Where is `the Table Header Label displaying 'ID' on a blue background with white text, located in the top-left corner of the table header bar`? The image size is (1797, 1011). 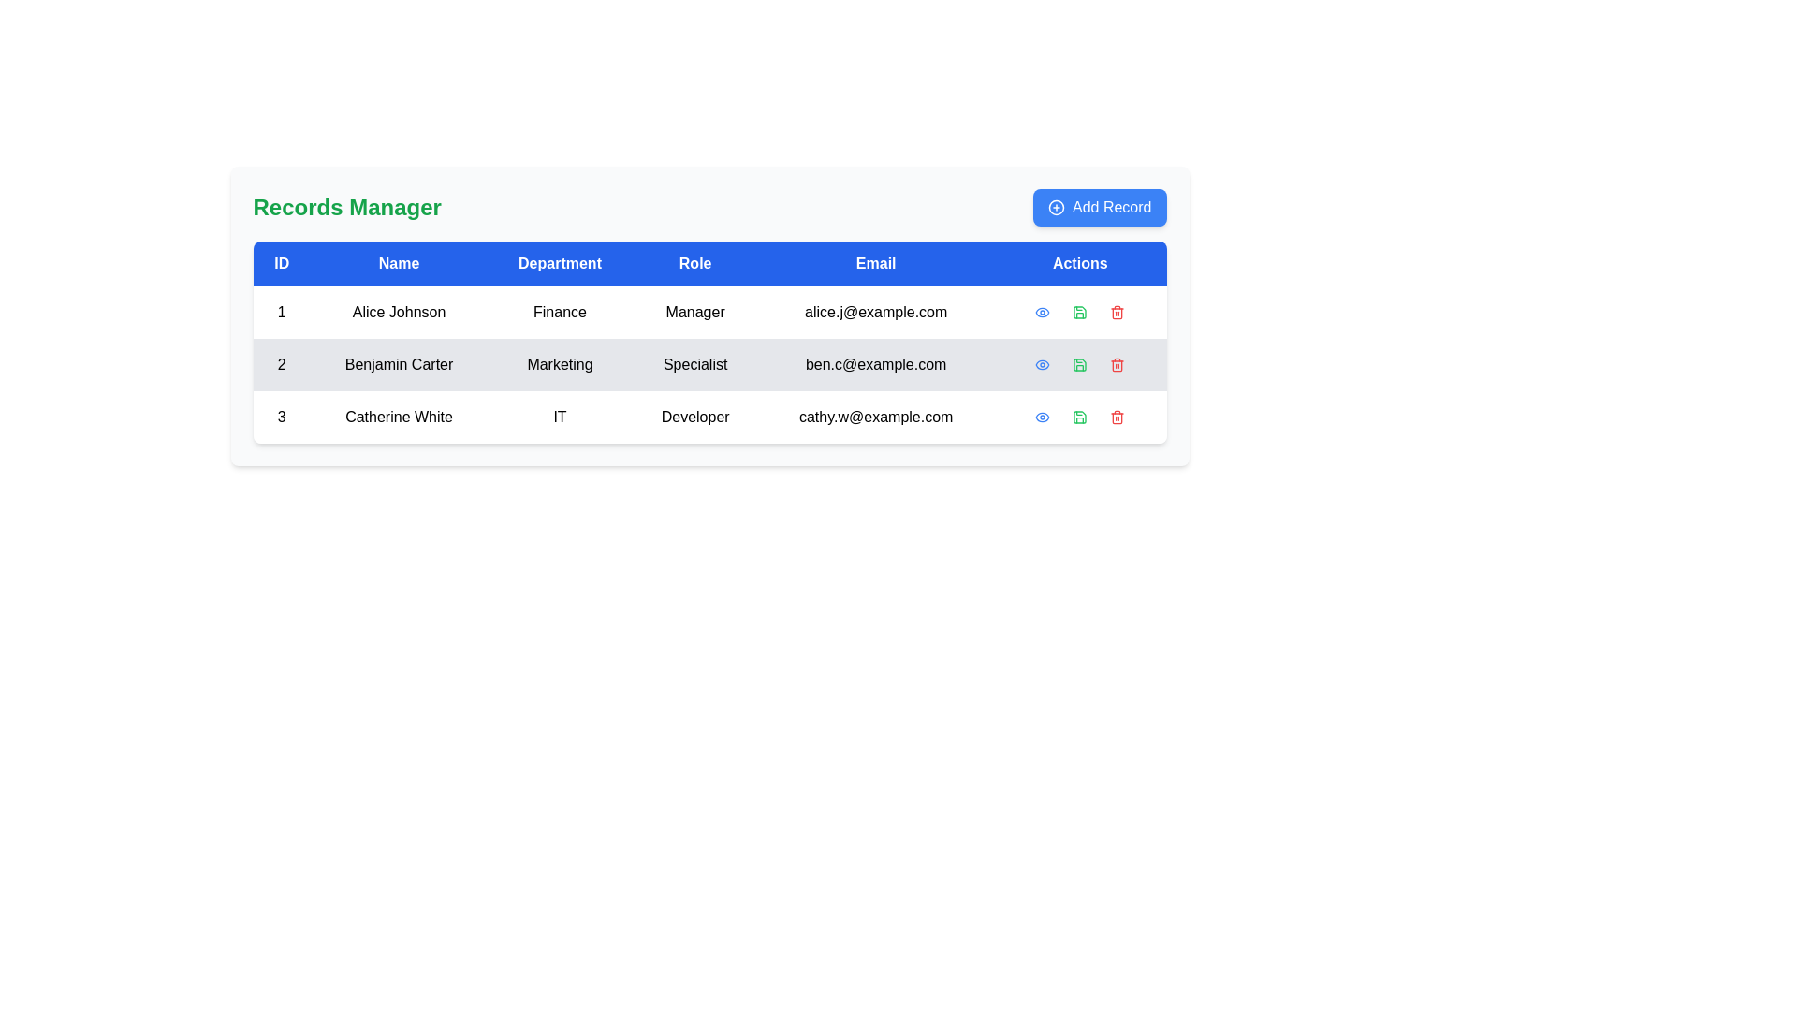
the Table Header Label displaying 'ID' on a blue background with white text, located in the top-left corner of the table header bar is located at coordinates (281, 263).